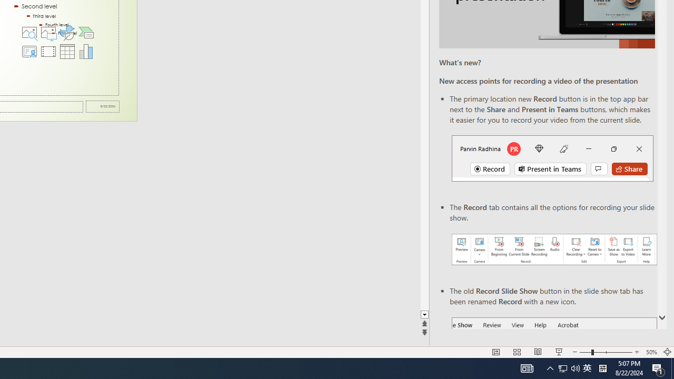 The image size is (674, 379). What do you see at coordinates (553, 250) in the screenshot?
I see `'Record your presentations screenshot one'` at bounding box center [553, 250].